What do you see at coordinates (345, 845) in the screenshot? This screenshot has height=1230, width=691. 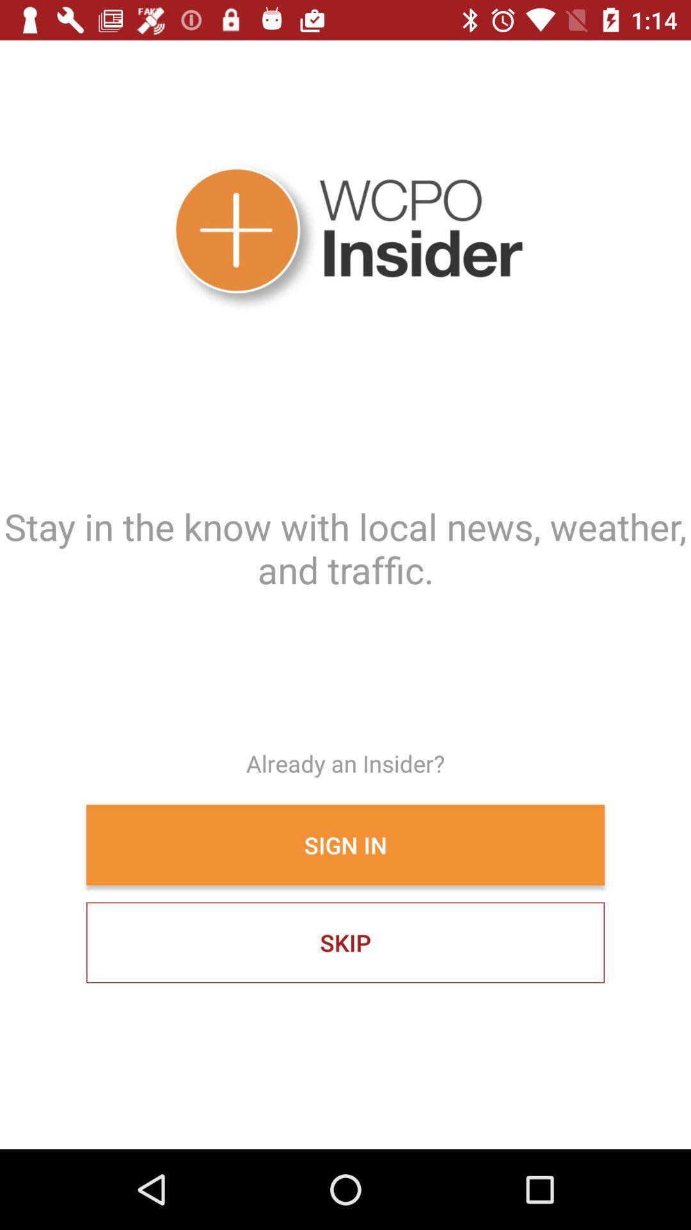 I see `item below the already an insider?` at bounding box center [345, 845].